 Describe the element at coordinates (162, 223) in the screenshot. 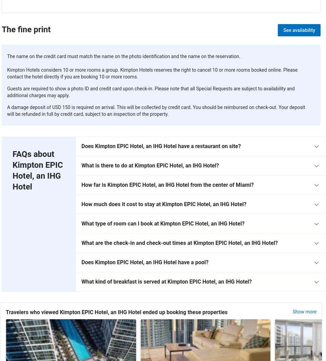

I see `'What type of room can I book at Kimpton EPIC Hotel, an IHG Hotel?'` at that location.